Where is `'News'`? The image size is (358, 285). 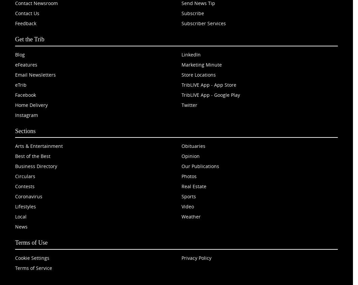
'News' is located at coordinates (21, 226).